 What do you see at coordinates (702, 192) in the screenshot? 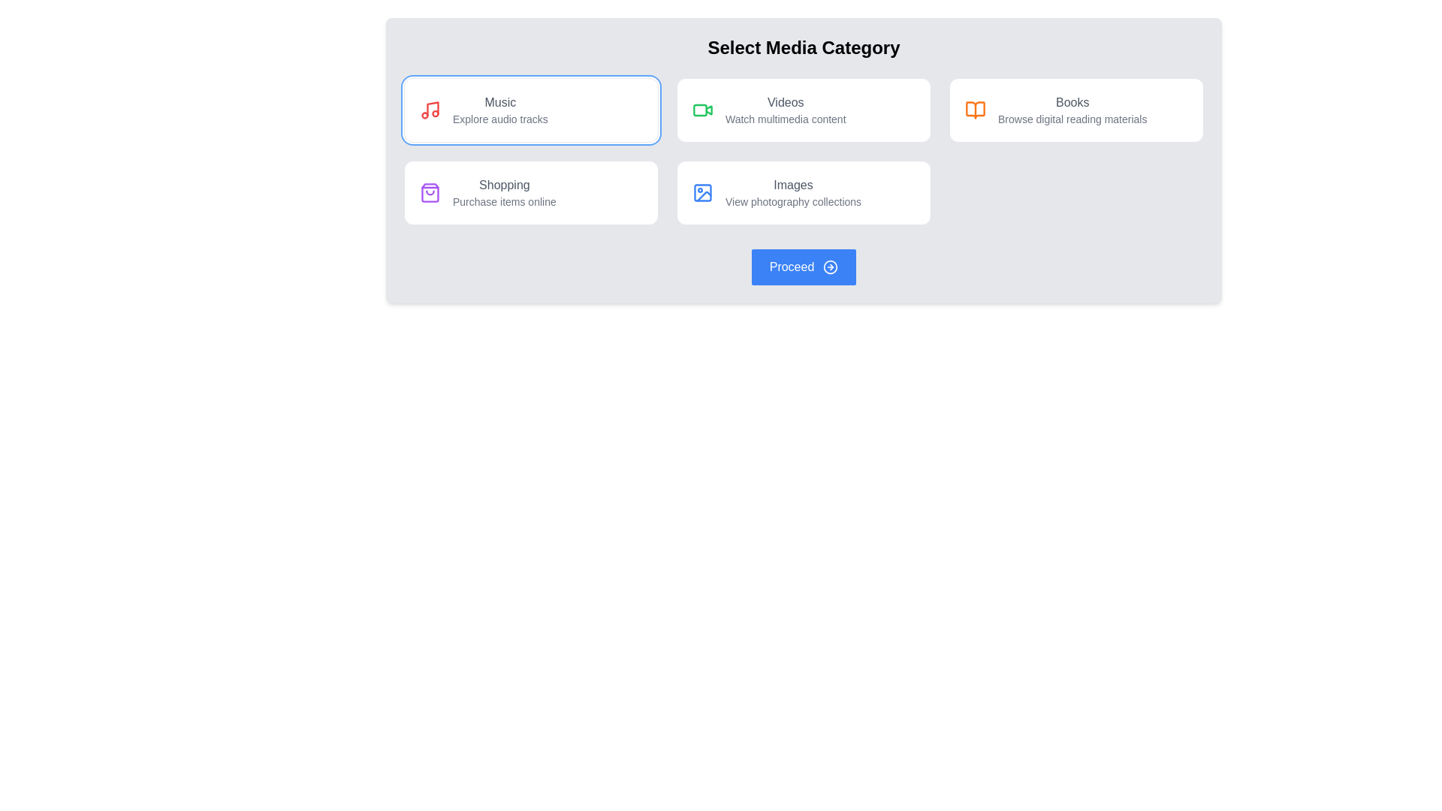
I see `the rectangular shape with rounded corners located in the 'Images' category icon group, positioned towards the bottom right and adjacent to 'Shopping'` at bounding box center [702, 192].